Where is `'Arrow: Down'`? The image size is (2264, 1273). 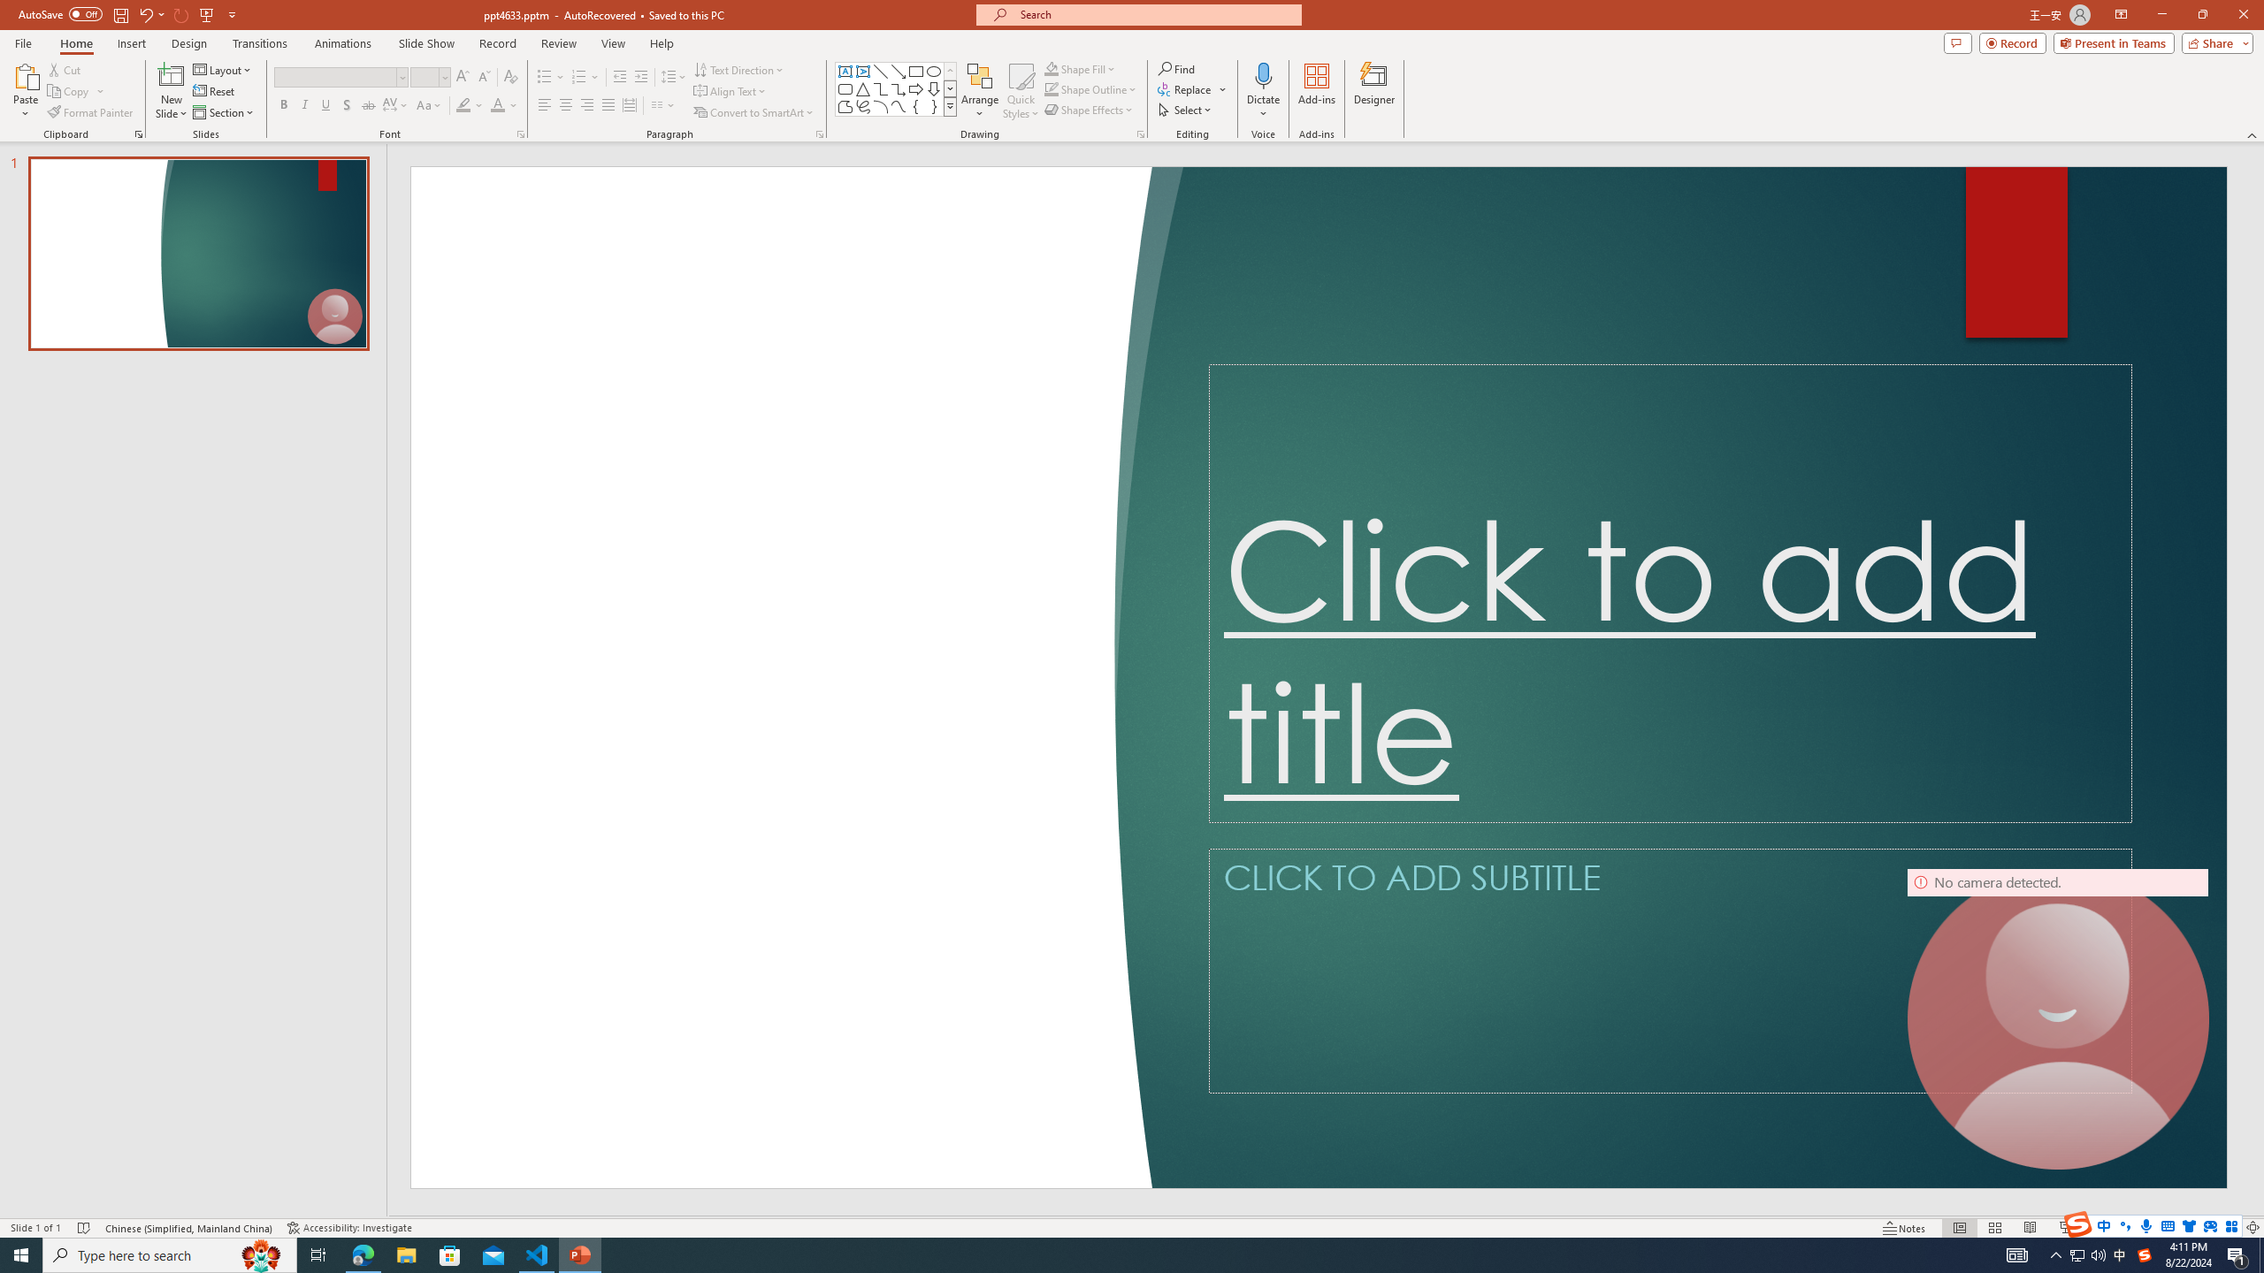
'Arrow: Down' is located at coordinates (933, 88).